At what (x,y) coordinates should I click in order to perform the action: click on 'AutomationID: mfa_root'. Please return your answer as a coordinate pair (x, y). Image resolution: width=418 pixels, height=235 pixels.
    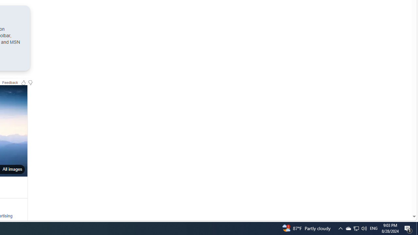
    Looking at the image, I should click on (389, 196).